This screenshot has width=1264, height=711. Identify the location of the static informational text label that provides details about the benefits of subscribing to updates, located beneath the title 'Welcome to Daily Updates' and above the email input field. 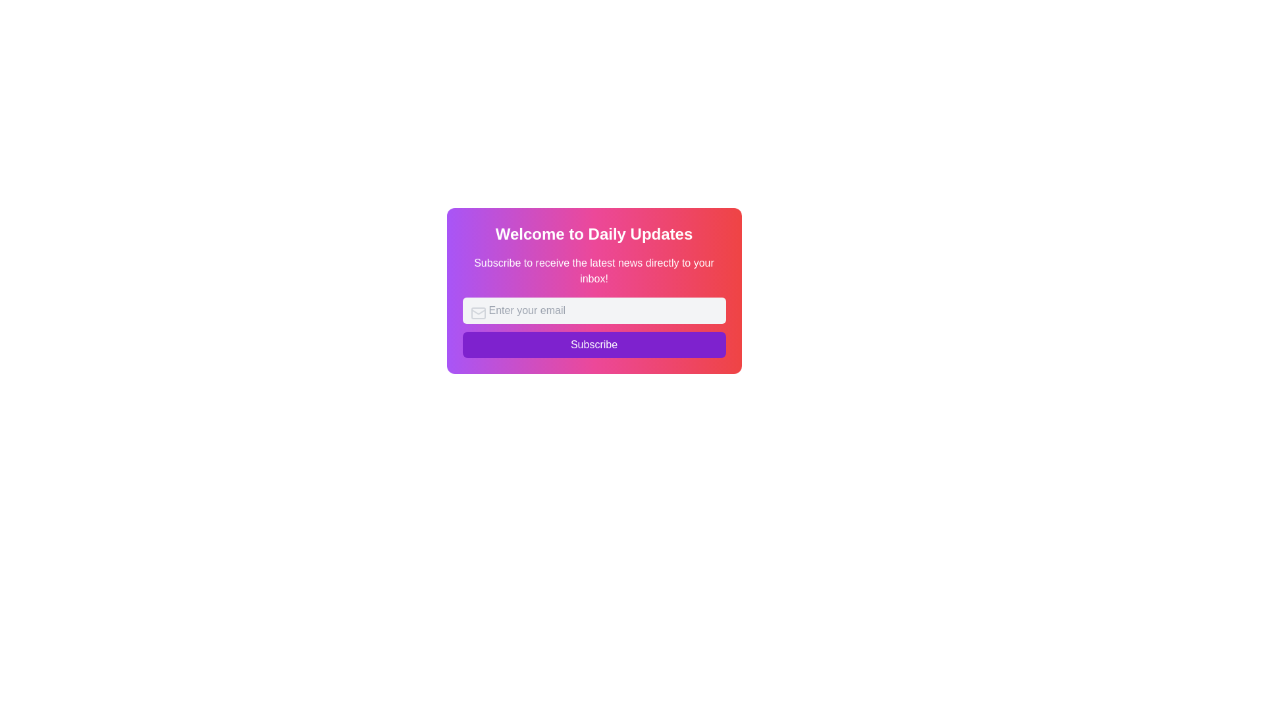
(593, 271).